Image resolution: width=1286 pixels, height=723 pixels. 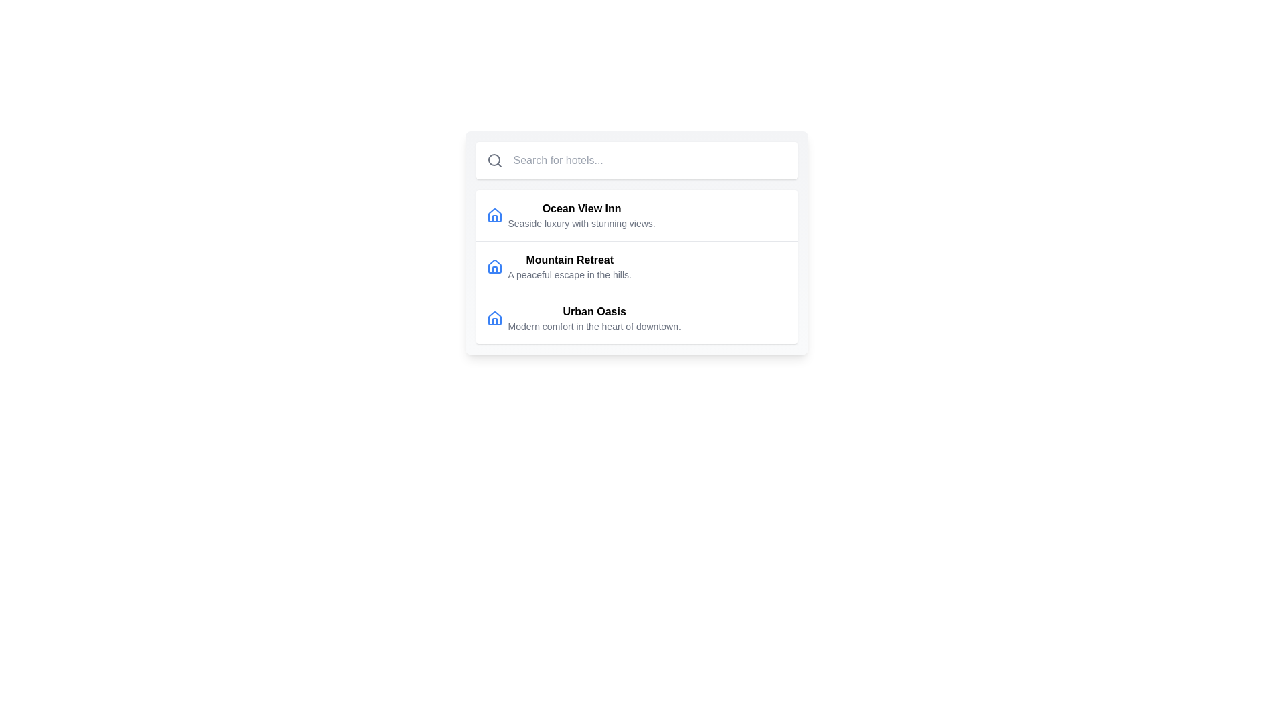 What do you see at coordinates (593, 318) in the screenshot?
I see `the text block titled 'Urban Oasis' which is the third item in a scrollable list of hotel options` at bounding box center [593, 318].